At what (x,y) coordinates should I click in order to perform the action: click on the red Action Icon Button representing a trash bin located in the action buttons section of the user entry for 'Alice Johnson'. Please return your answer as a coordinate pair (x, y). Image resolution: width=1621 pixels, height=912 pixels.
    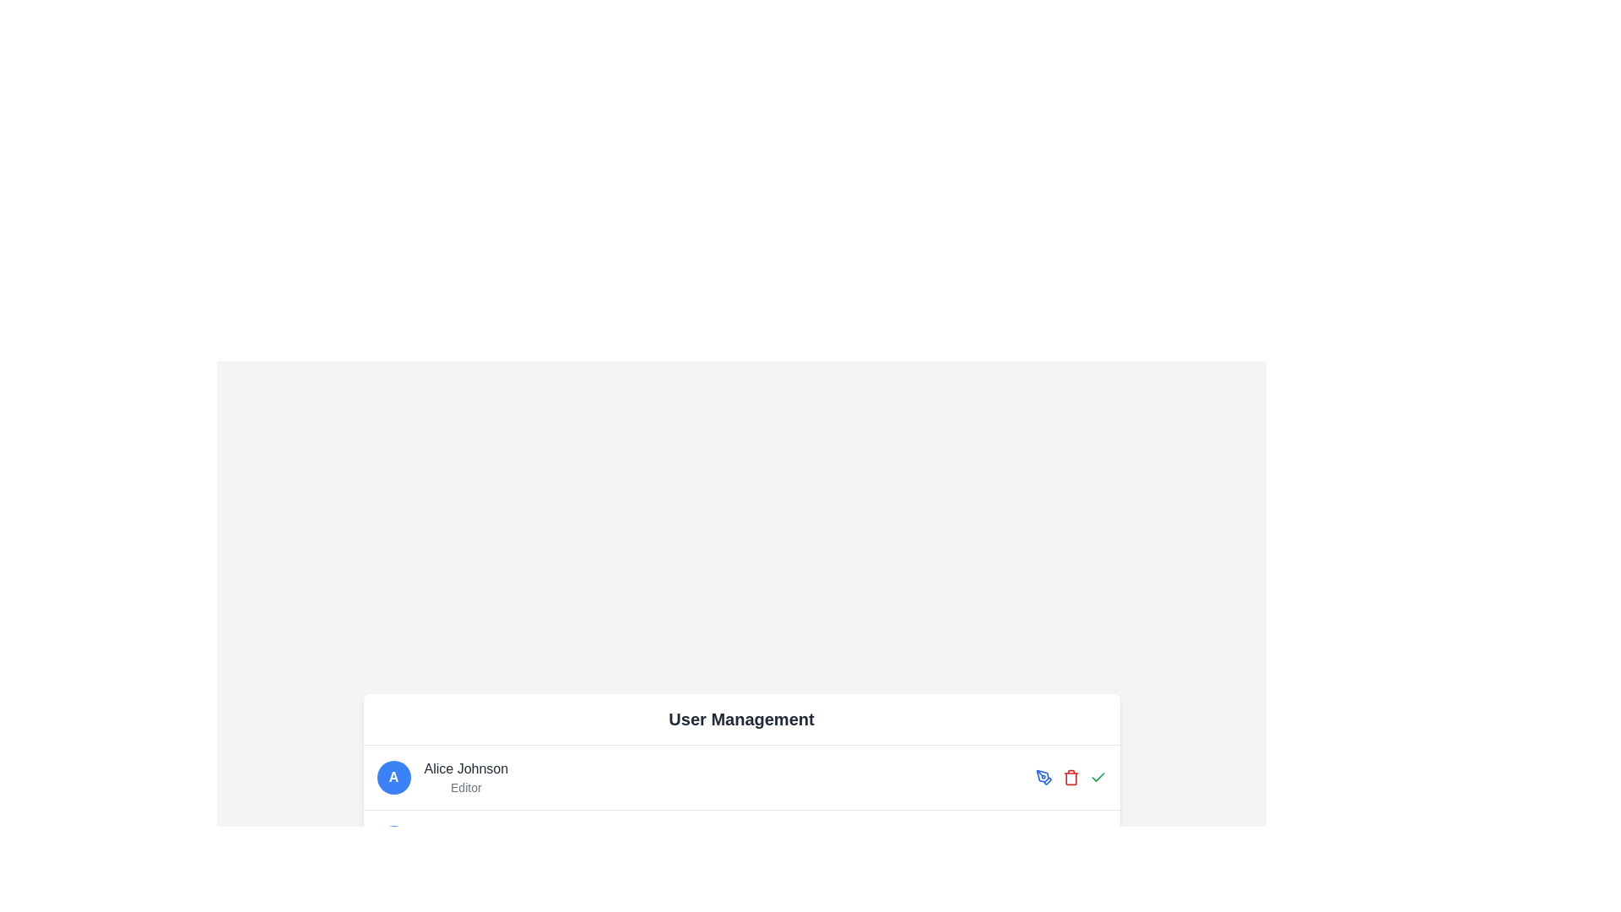
    Looking at the image, I should click on (1070, 778).